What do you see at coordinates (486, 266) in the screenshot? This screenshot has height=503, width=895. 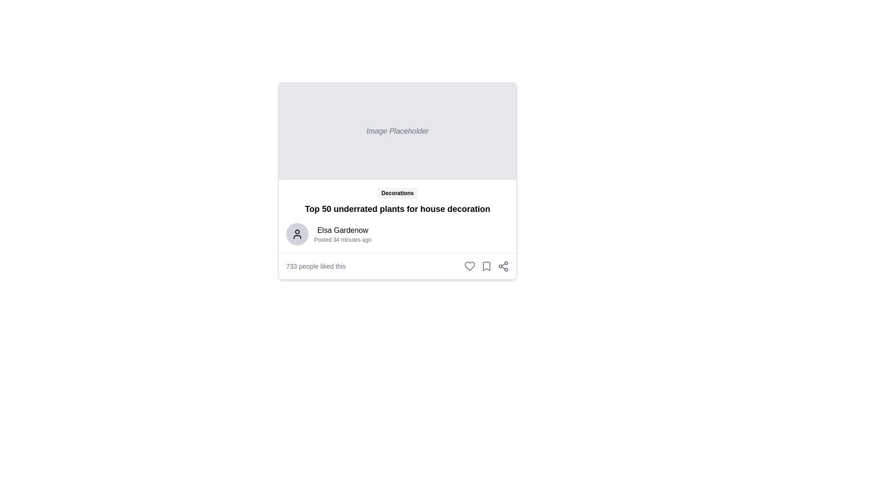 I see `the bookmark button located in the bottom-right corner of the card interface to bookmark the content` at bounding box center [486, 266].